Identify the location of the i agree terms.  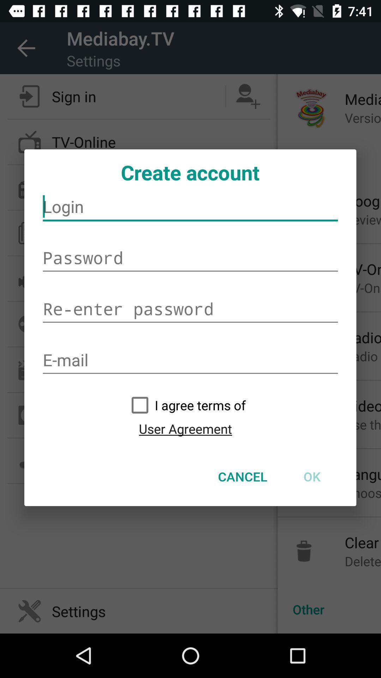
(185, 405).